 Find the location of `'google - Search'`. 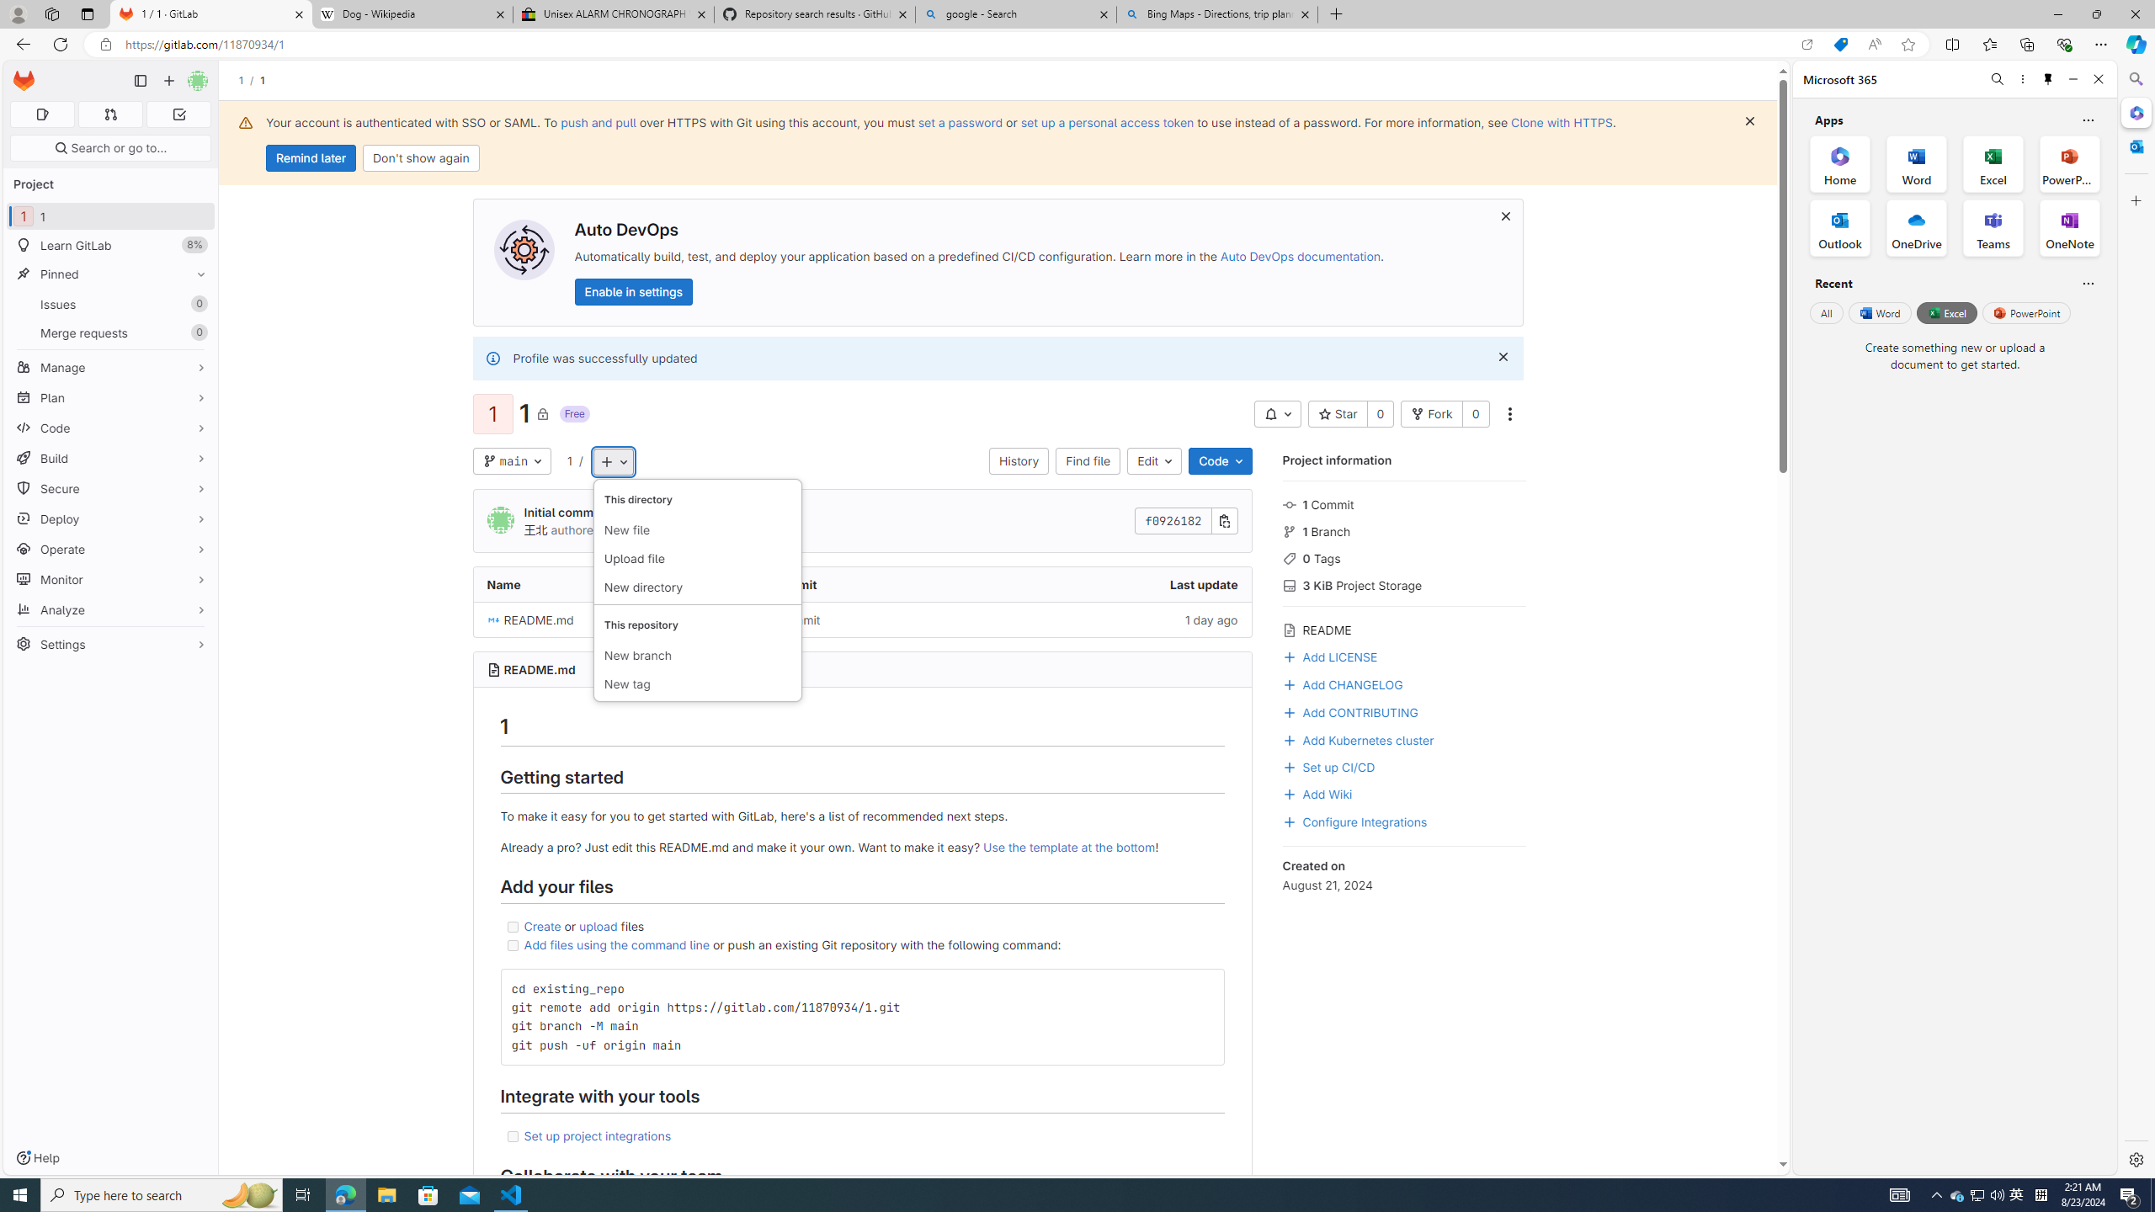

'google - Search' is located at coordinates (1014, 13).